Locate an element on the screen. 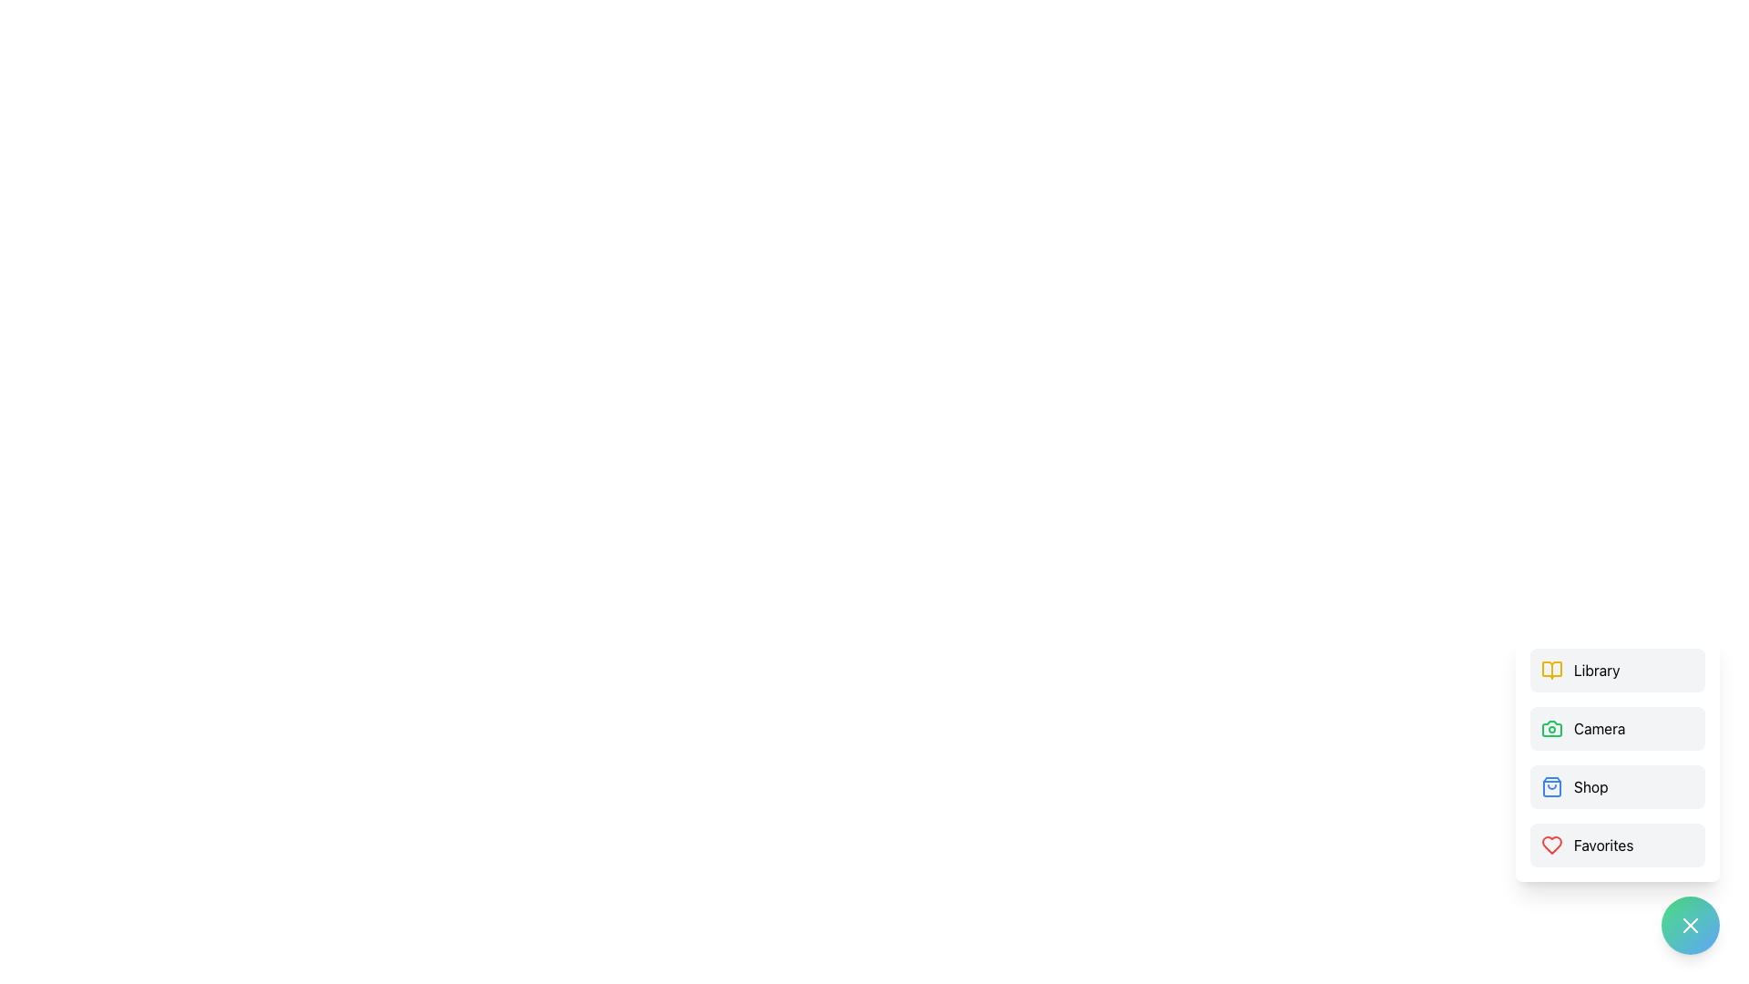 The width and height of the screenshot is (1749, 984). the 'Shop' text label, which is part of an interactive button-like group displayed in a sans-serif font with a black color on a light gray background is located at coordinates (1590, 786).